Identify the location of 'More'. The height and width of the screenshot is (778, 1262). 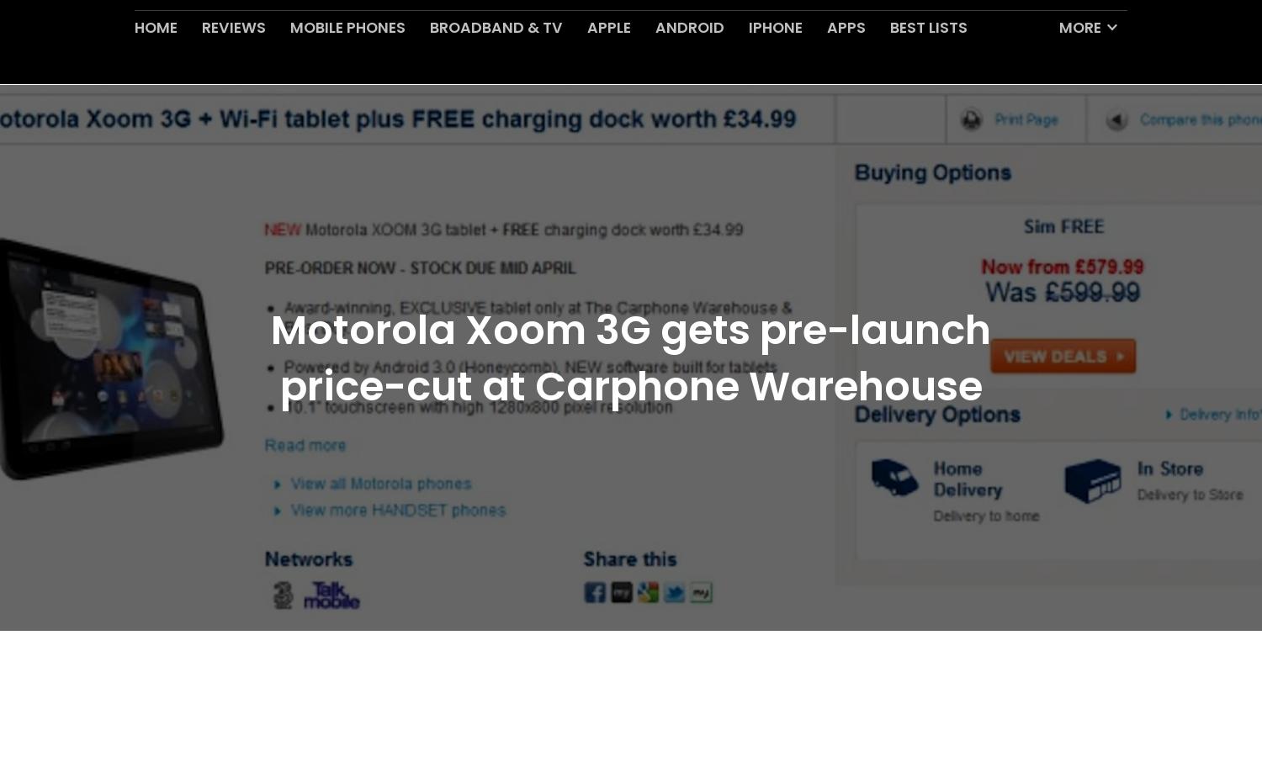
(1080, 66).